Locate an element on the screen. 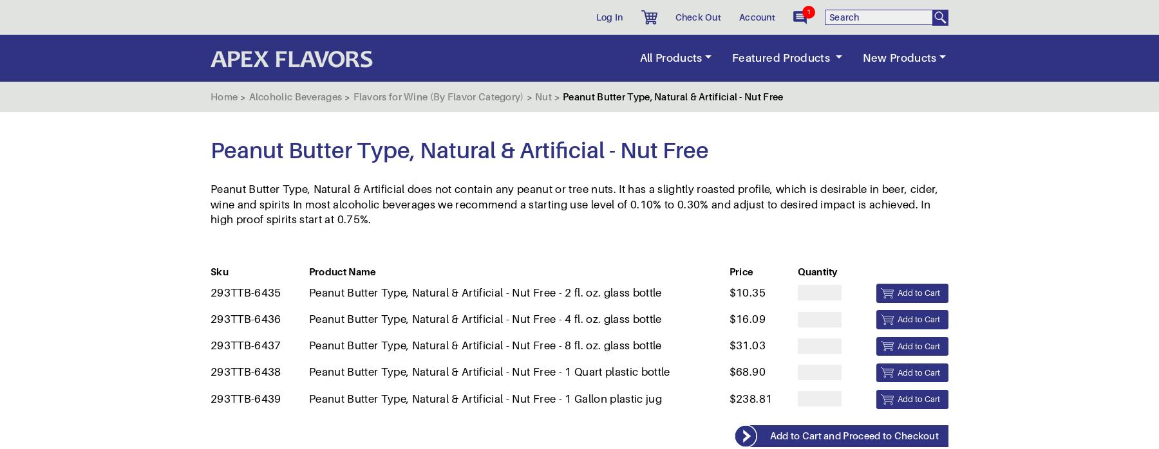 This screenshot has width=1159, height=449. 'Information for E-Cigarette and Non Food & Drink Buyers' is located at coordinates (344, 346).